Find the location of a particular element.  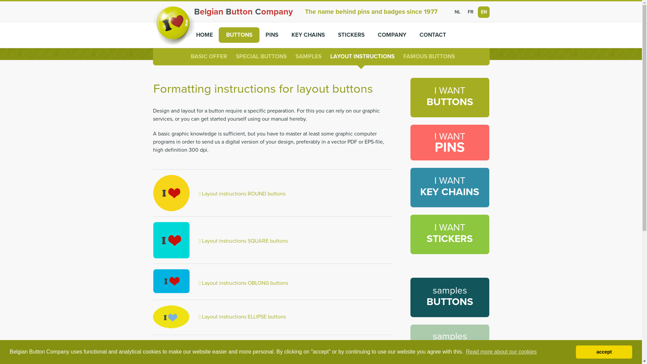

'NL' is located at coordinates (457, 12).